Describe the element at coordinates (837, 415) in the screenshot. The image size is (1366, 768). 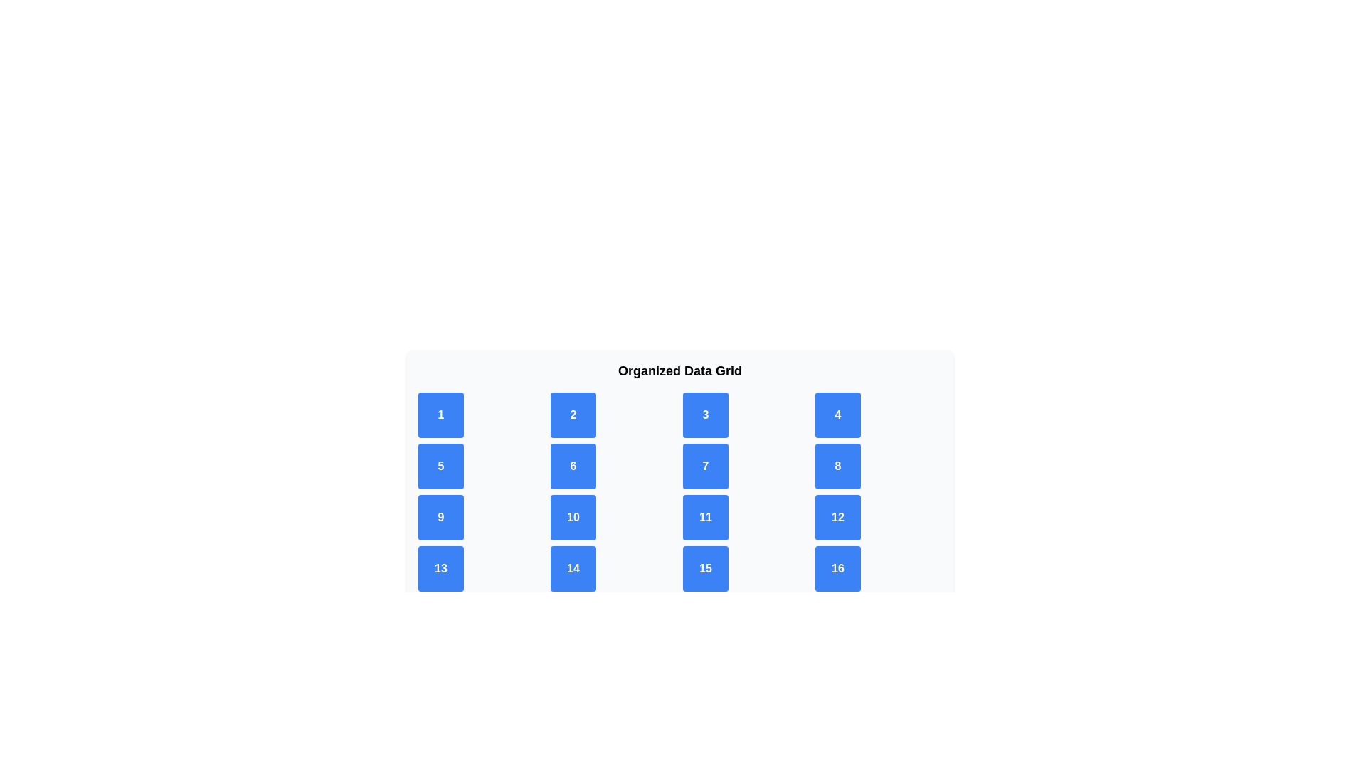
I see `the button in the first row and fourth column that is associated with the number '4'` at that location.